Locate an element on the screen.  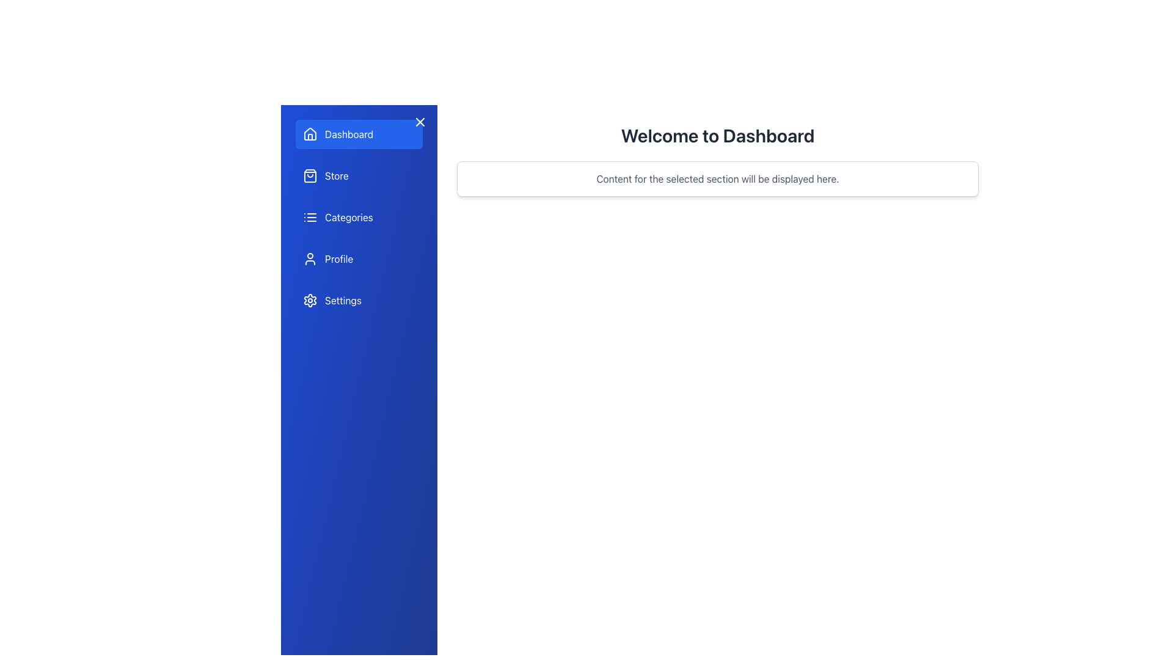
the shopping bag icon located in the second item of the vertical navigation menu labeled 'Store' is located at coordinates (310, 176).